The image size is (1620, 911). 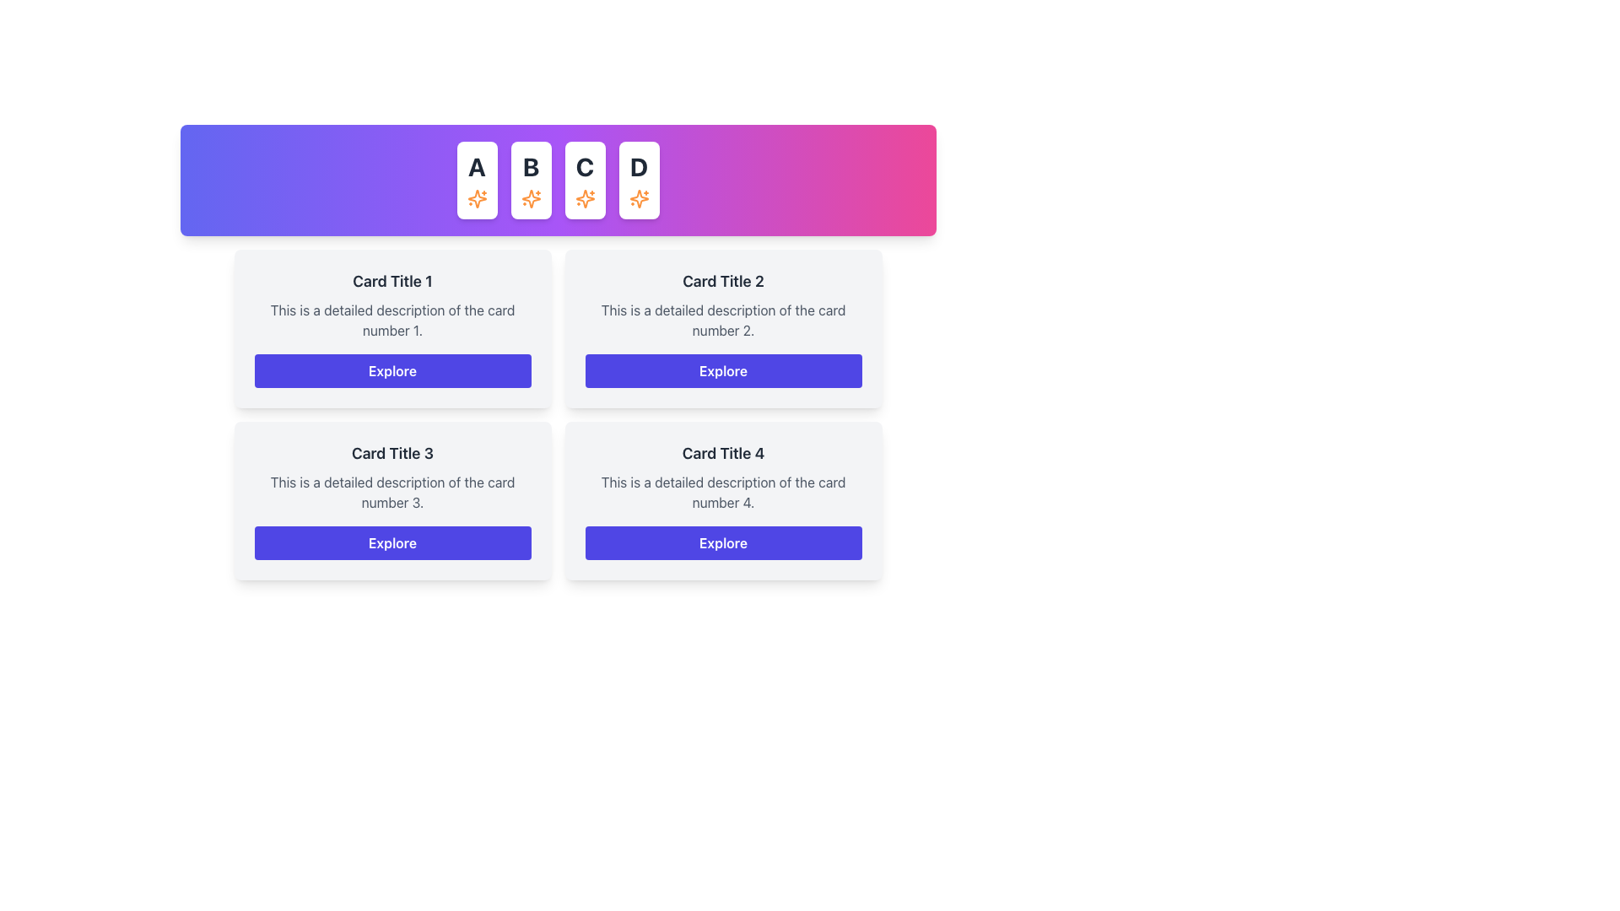 I want to click on the bold uppercase letter 'B' styled with a large sans-serif font, located as the second item in a horizontal row above the orange icons, so click(x=530, y=166).